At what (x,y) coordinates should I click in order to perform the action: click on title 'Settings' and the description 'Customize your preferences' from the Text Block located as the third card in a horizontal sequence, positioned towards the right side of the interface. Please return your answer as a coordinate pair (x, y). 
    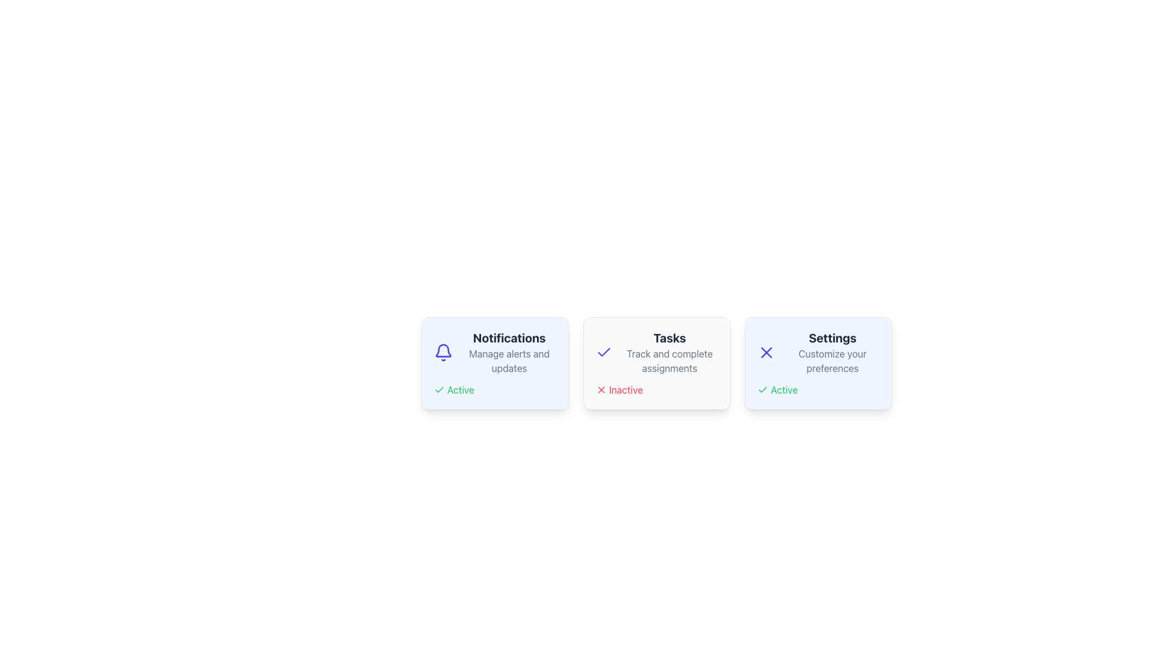
    Looking at the image, I should click on (831, 352).